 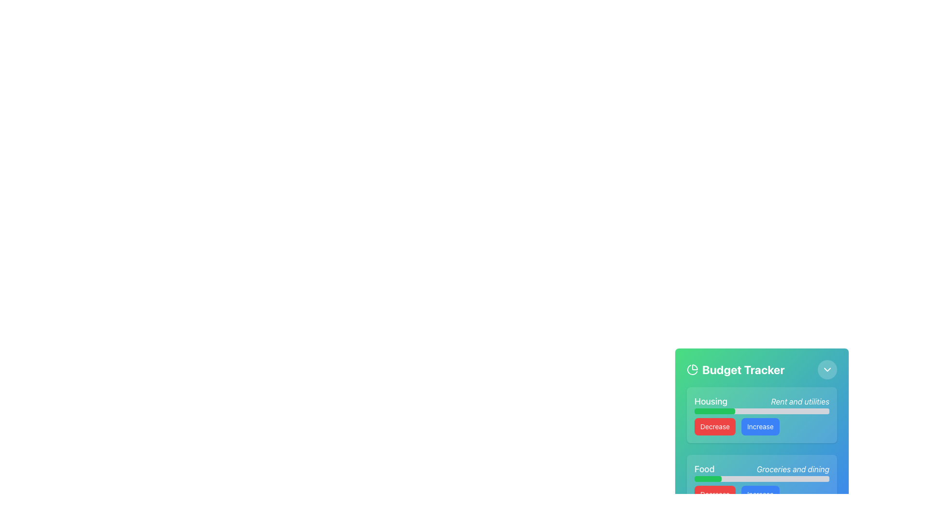 I want to click on the Italicized Text Label displaying 'Groceries and dining', which is styled in a lighter font color against a gradient blue background, so click(x=793, y=469).